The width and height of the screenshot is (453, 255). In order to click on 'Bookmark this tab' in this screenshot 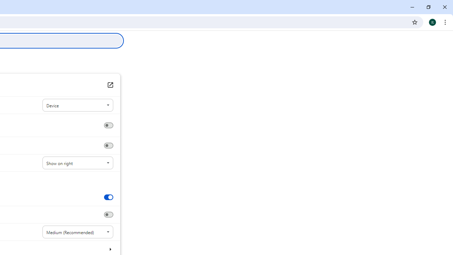, I will do `click(414, 22)`.